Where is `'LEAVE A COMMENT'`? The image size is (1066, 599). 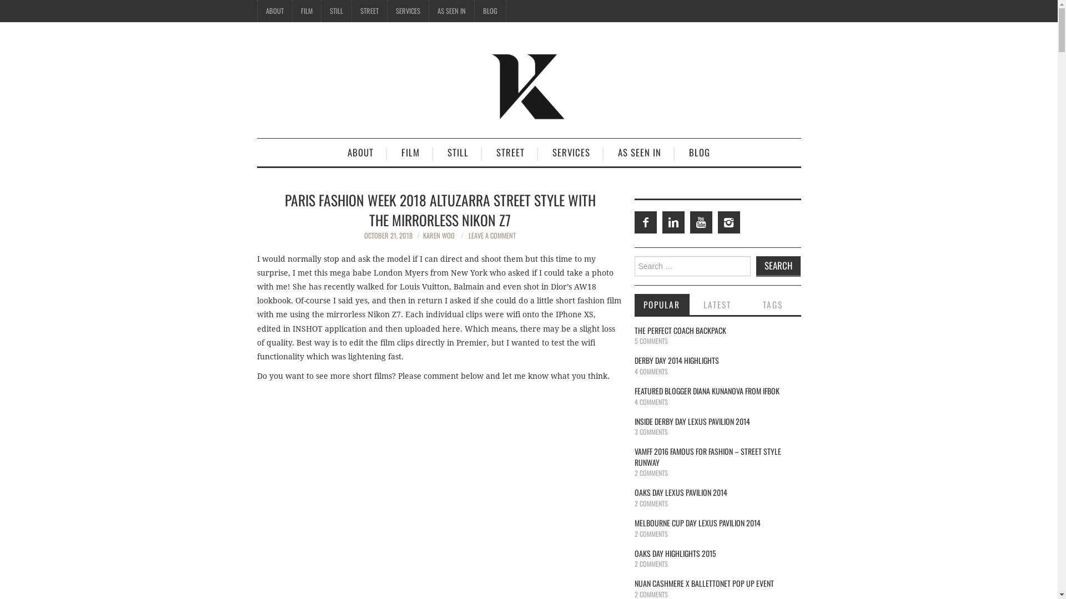
'LEAVE A COMMENT' is located at coordinates (491, 235).